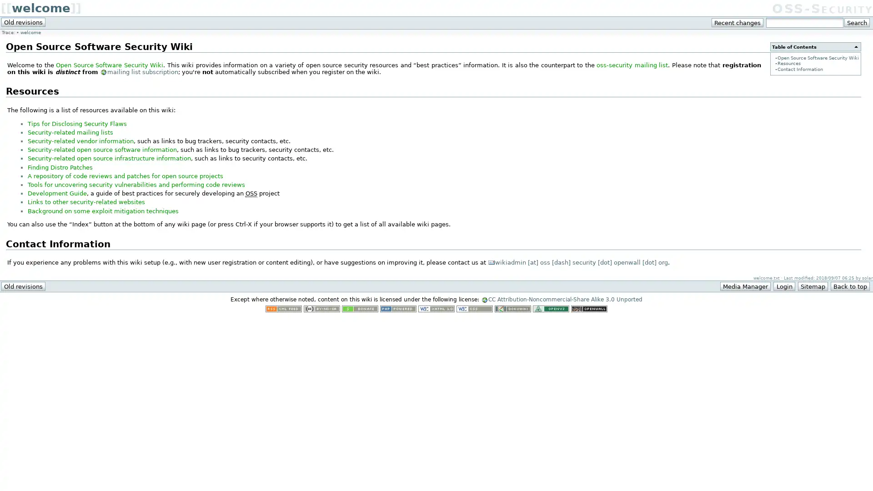 The width and height of the screenshot is (873, 491). I want to click on Recent changes, so click(738, 22).